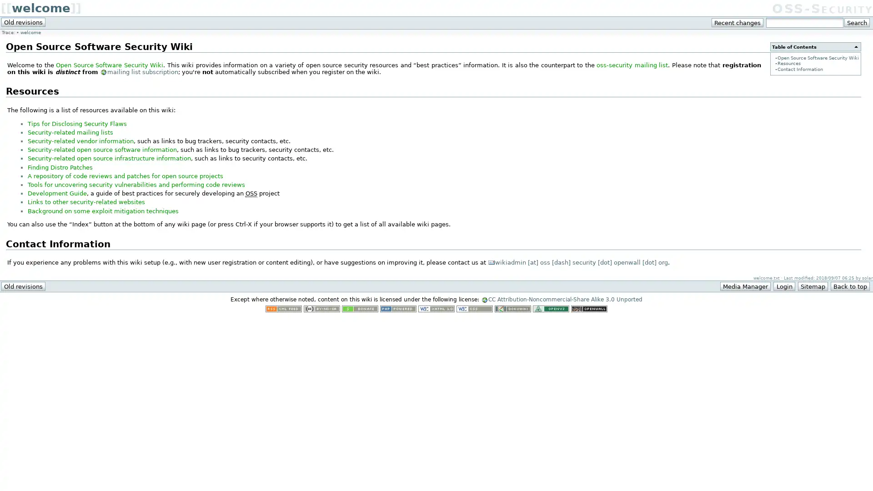 The width and height of the screenshot is (873, 491). I want to click on Recent changes, so click(738, 22).